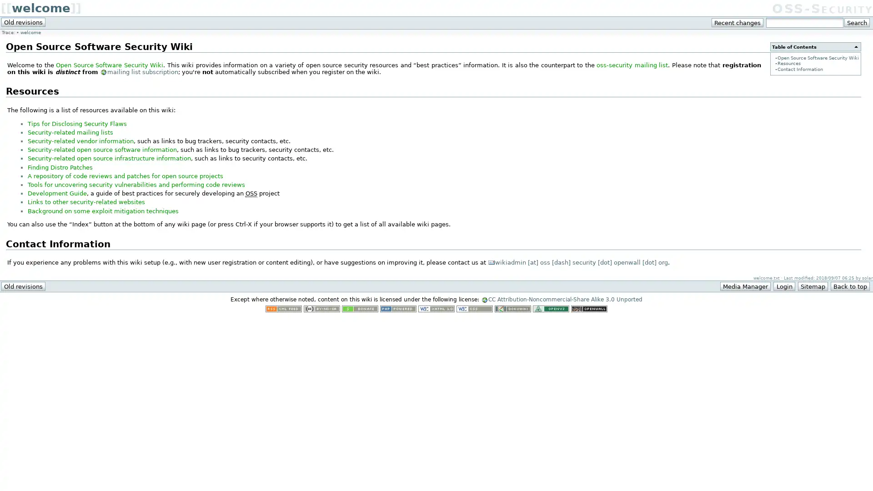 The width and height of the screenshot is (873, 491). I want to click on Recent changes, so click(738, 22).